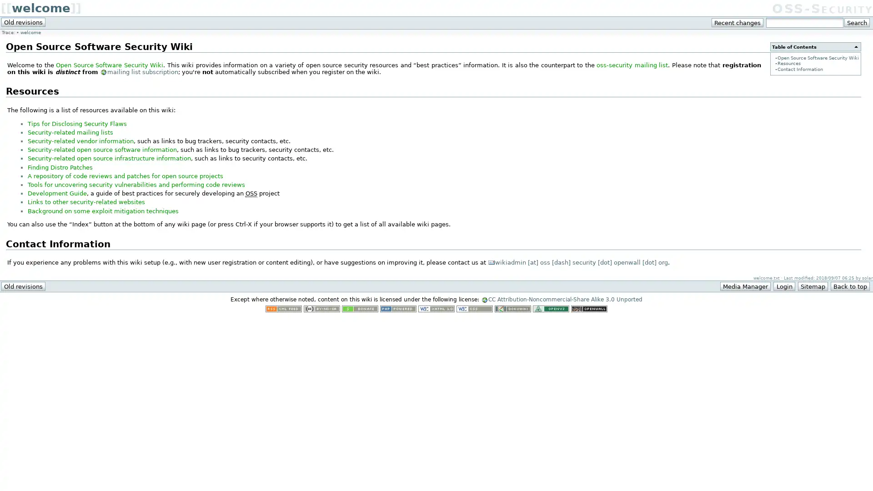 The width and height of the screenshot is (873, 491). I want to click on Recent changes, so click(738, 22).